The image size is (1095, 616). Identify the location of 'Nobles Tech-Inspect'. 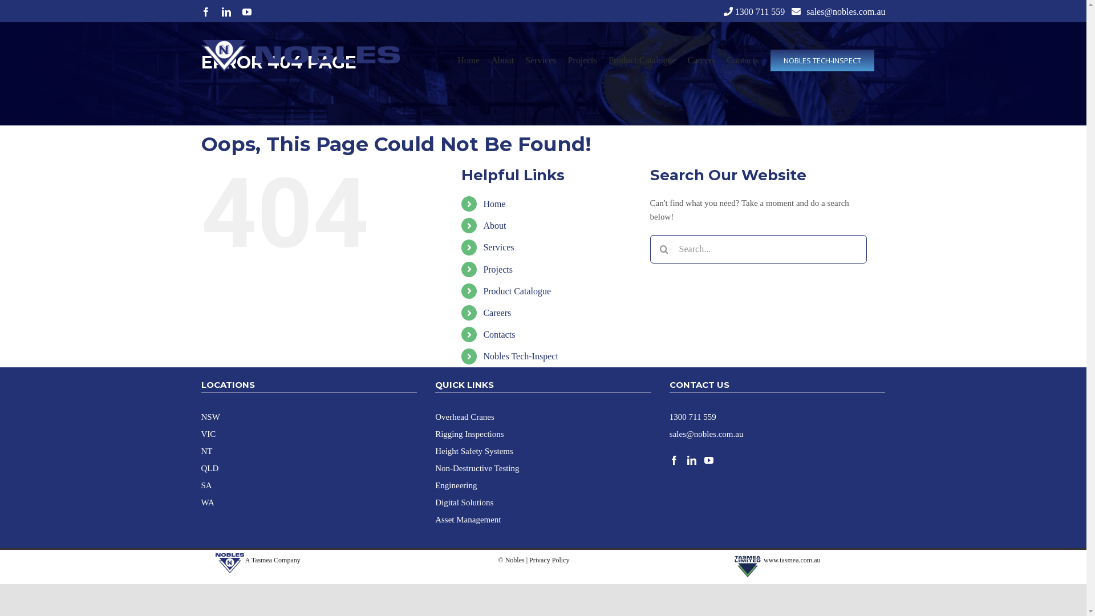
(520, 355).